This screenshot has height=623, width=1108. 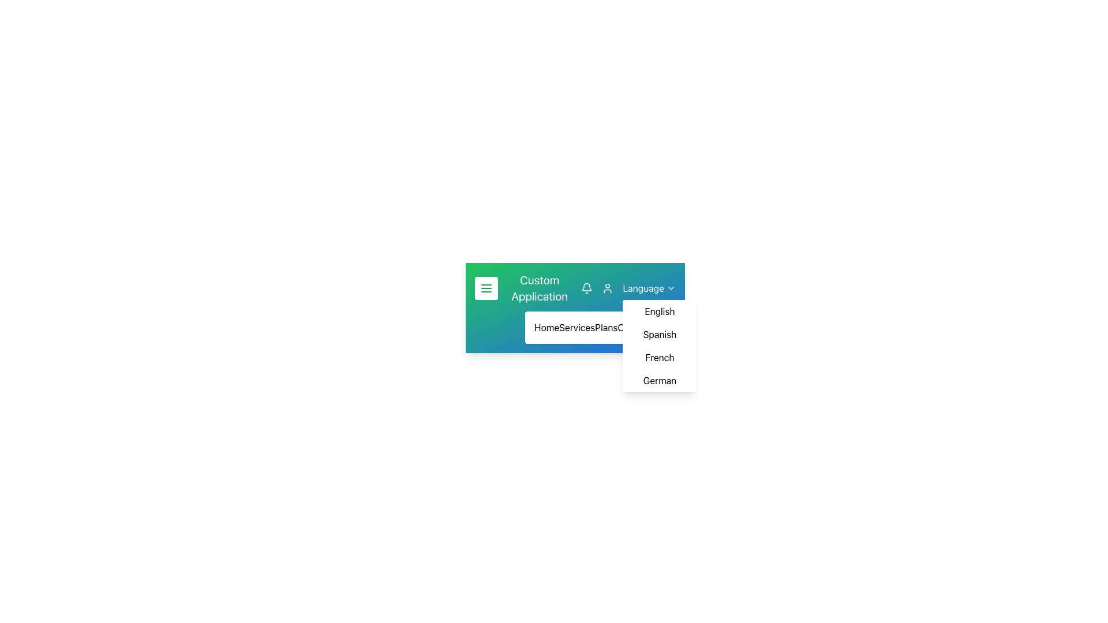 What do you see at coordinates (660, 311) in the screenshot?
I see `the English language option in the language selection menu` at bounding box center [660, 311].